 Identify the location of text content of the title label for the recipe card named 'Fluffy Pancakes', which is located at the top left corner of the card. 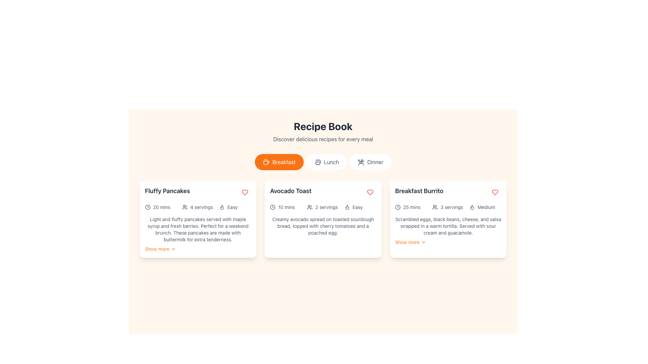
(167, 191).